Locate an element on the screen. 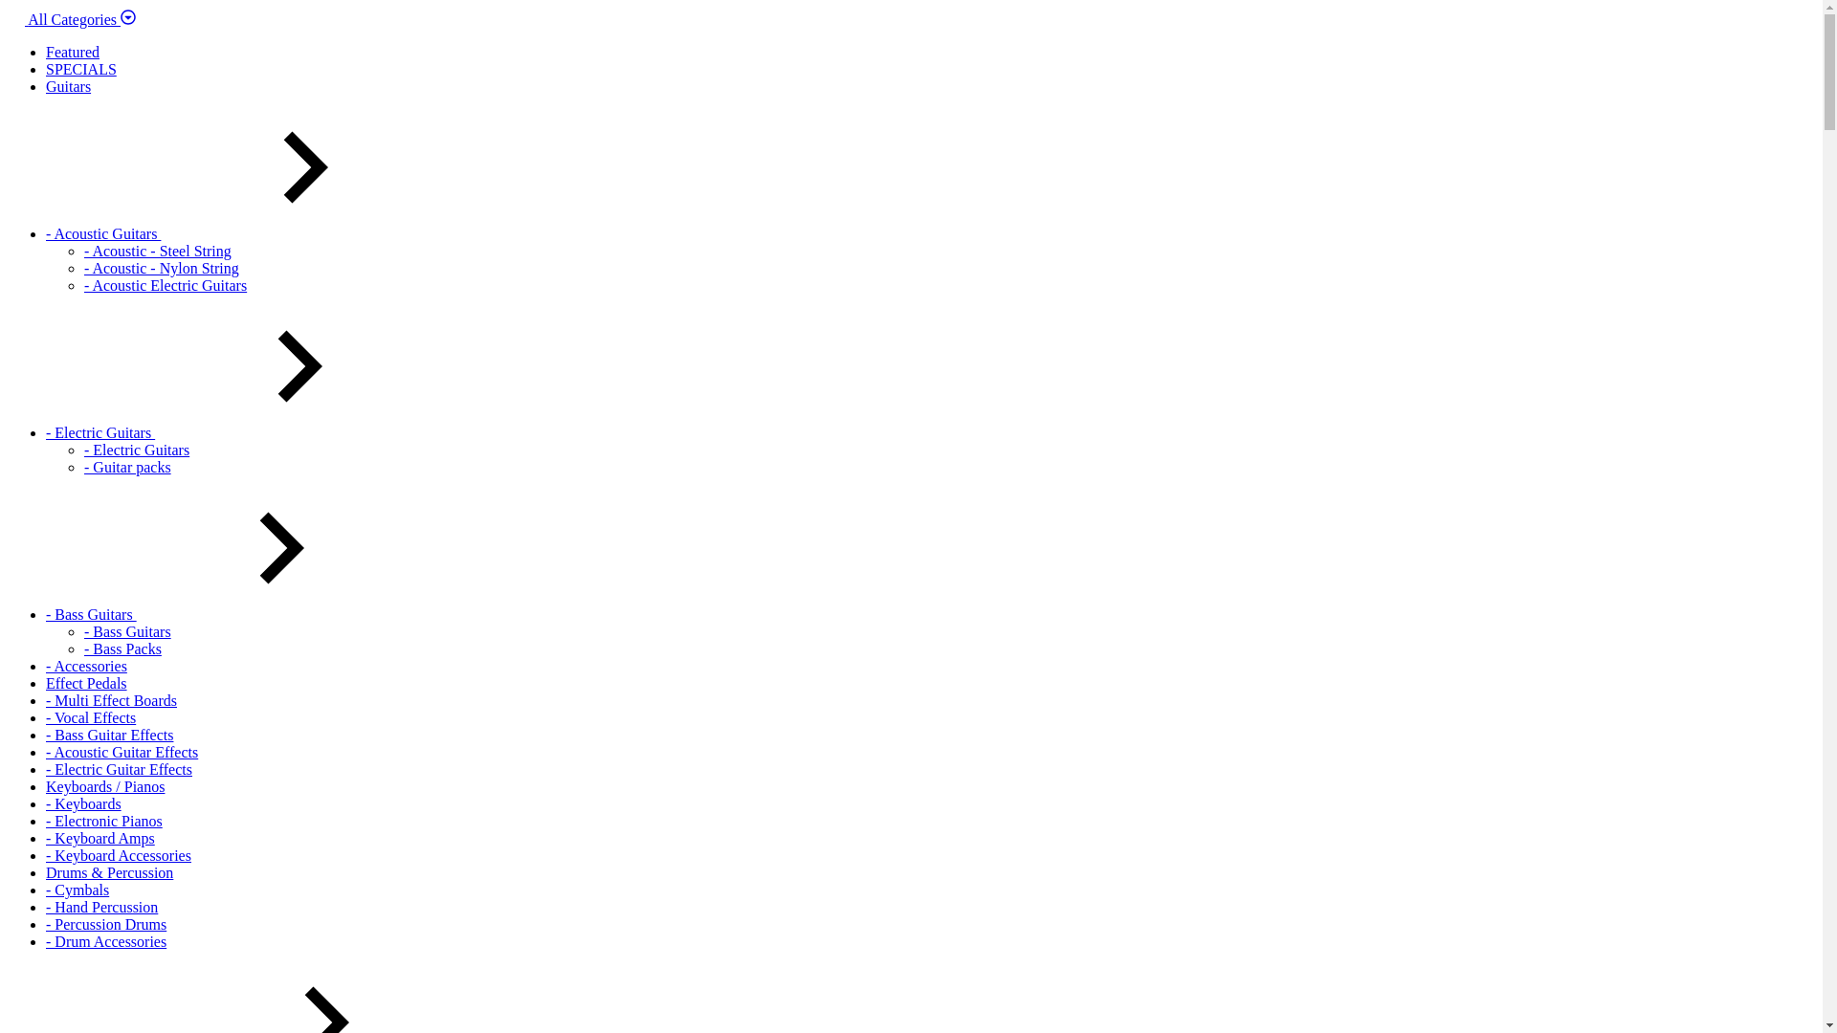 This screenshot has width=1837, height=1033. '- Acoustic Guitar Effects' is located at coordinates (121, 751).